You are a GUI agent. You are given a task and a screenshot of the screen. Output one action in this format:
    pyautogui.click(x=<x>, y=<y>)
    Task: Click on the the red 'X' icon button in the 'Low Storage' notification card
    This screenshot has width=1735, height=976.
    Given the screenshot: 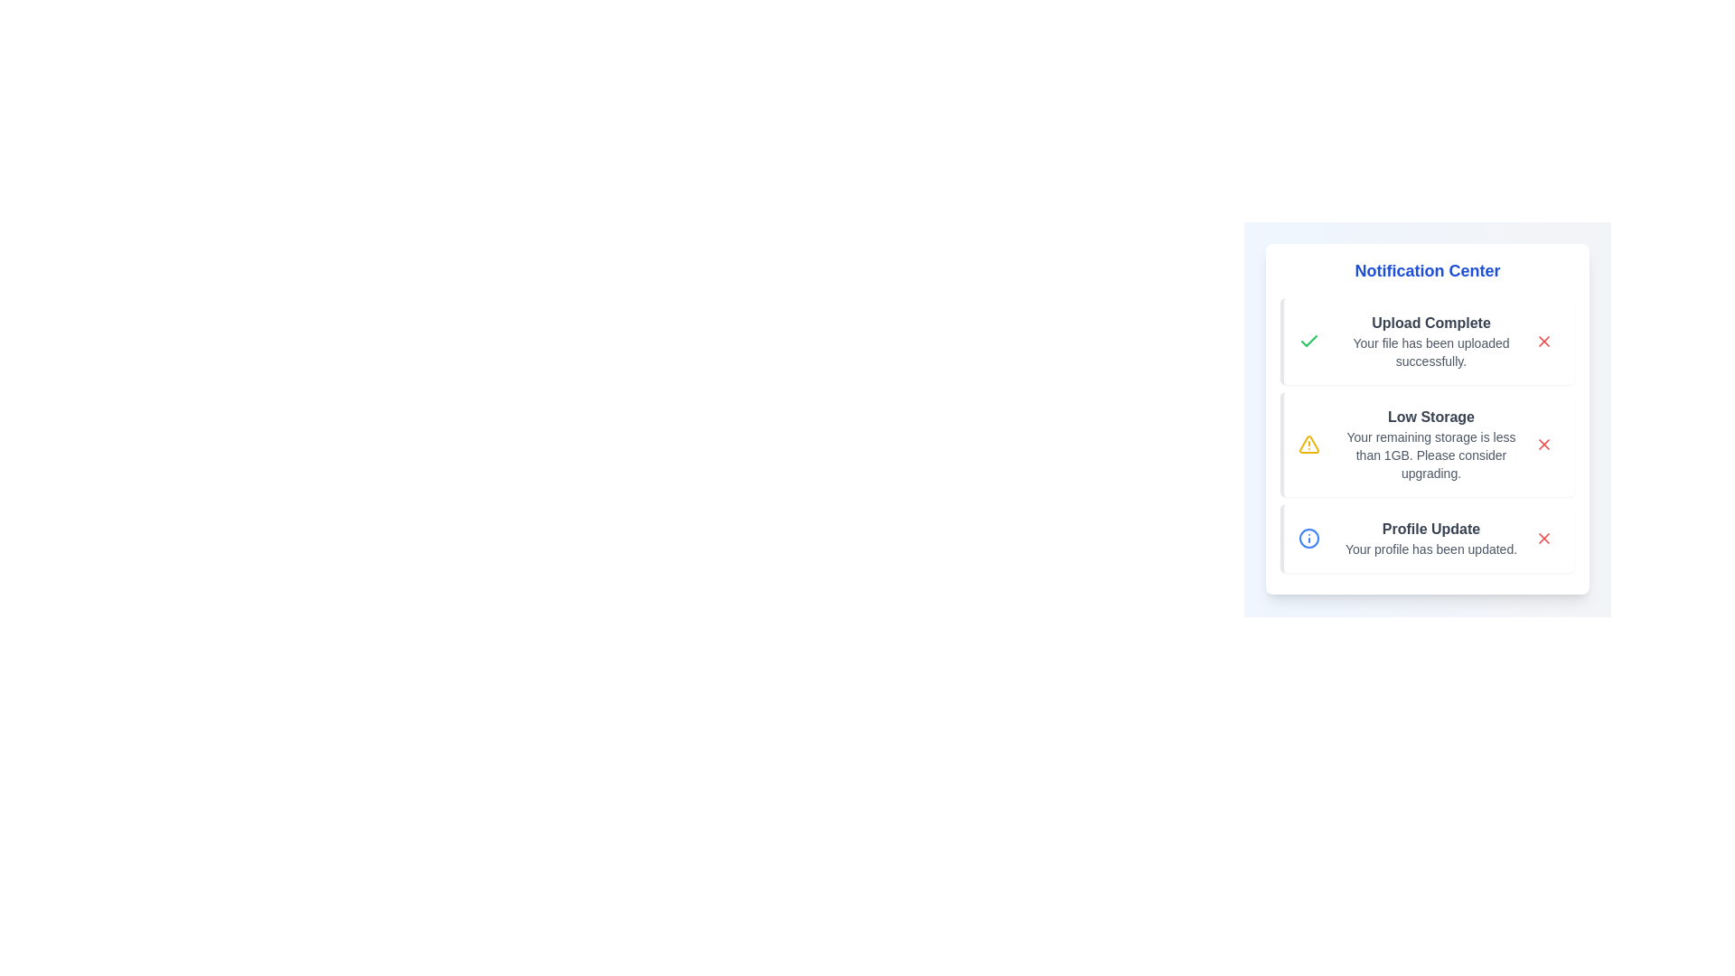 What is the action you would take?
    pyautogui.click(x=1543, y=445)
    